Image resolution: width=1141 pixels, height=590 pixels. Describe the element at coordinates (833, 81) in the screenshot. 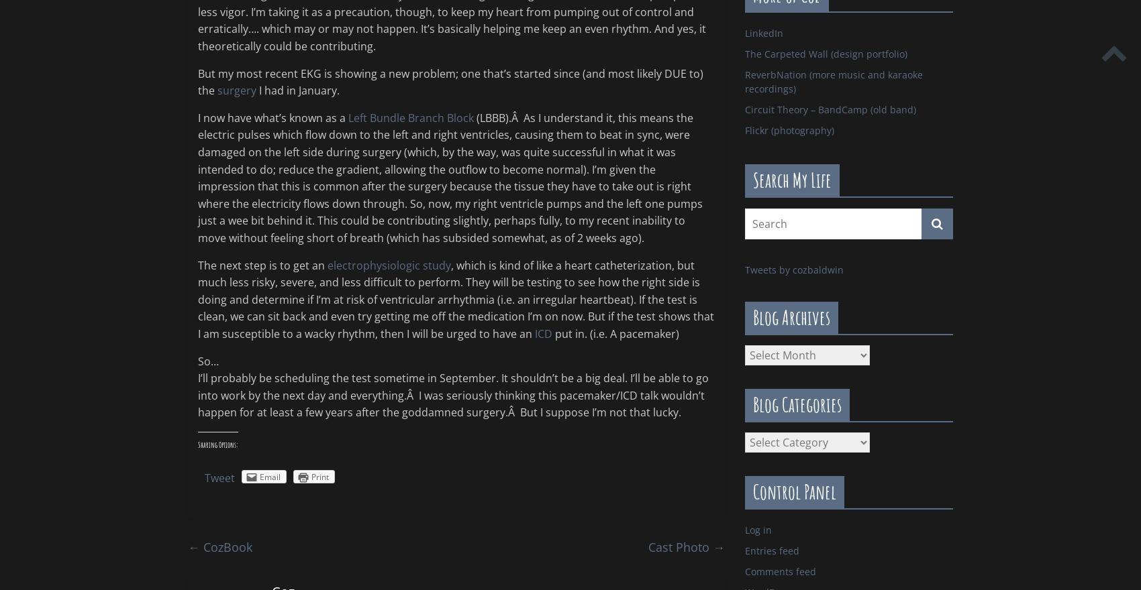

I see `'ReverbNation (more music and karaoke recordings)'` at that location.